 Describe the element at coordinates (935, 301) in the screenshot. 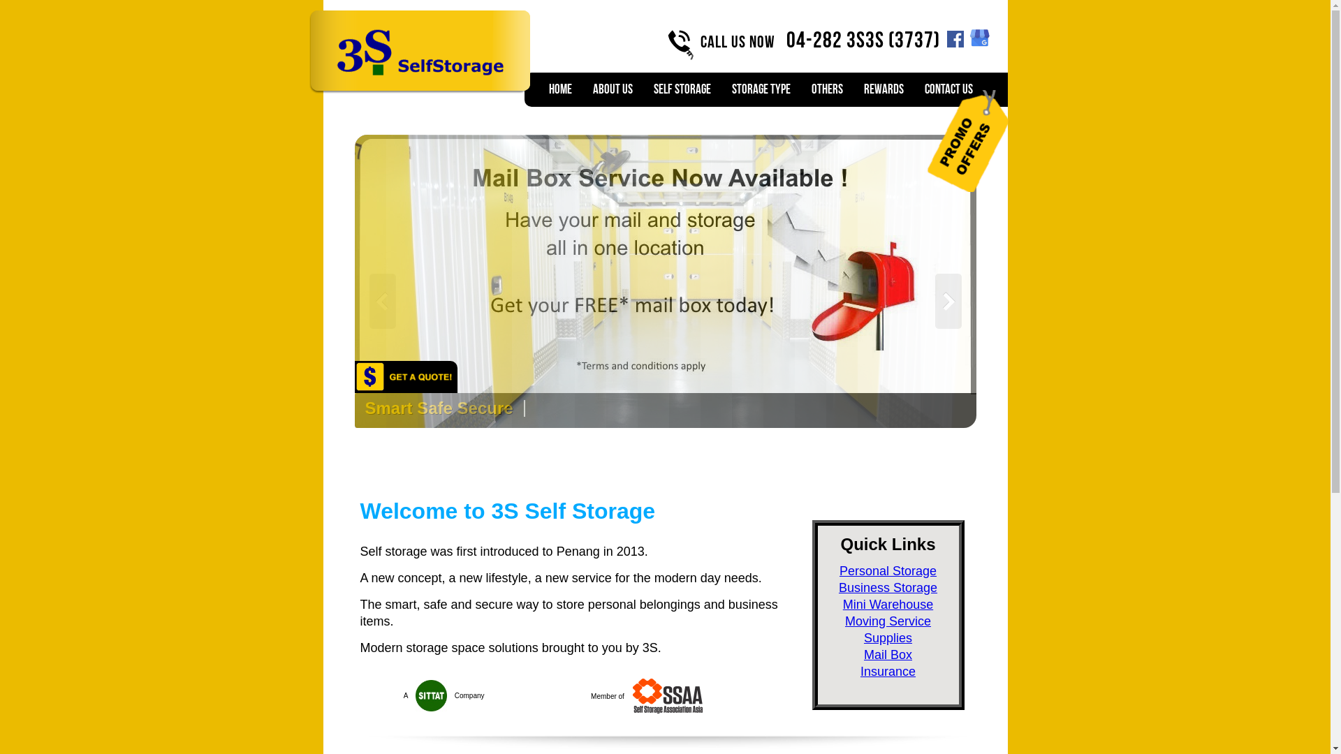

I see `'Prev'` at that location.